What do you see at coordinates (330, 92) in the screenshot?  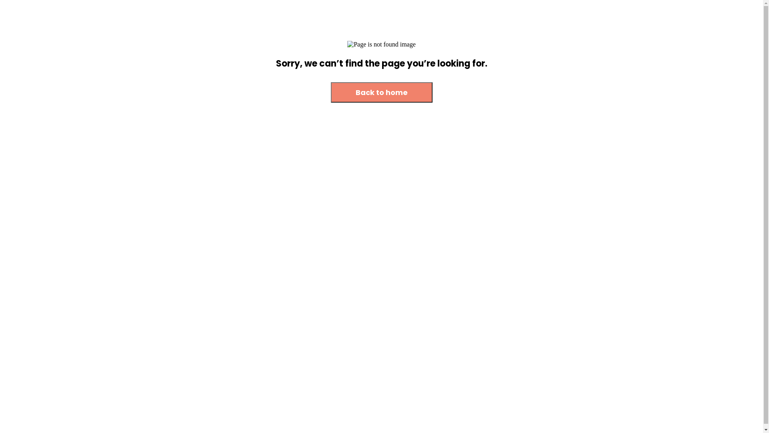 I see `'Back to home'` at bounding box center [330, 92].